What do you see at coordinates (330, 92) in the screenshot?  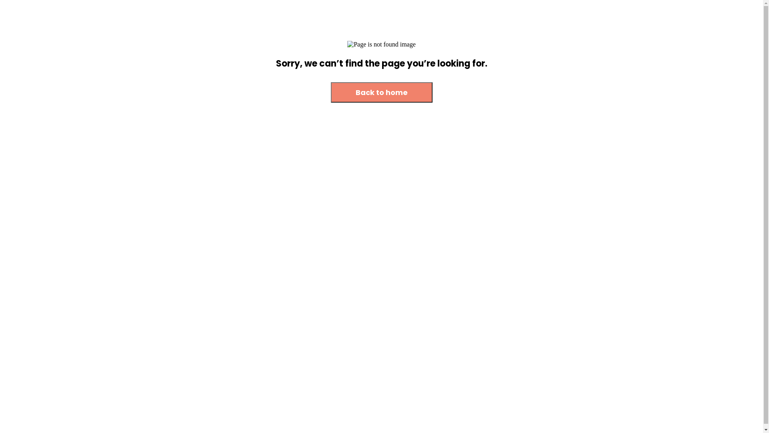 I see `'Back to home'` at bounding box center [330, 92].